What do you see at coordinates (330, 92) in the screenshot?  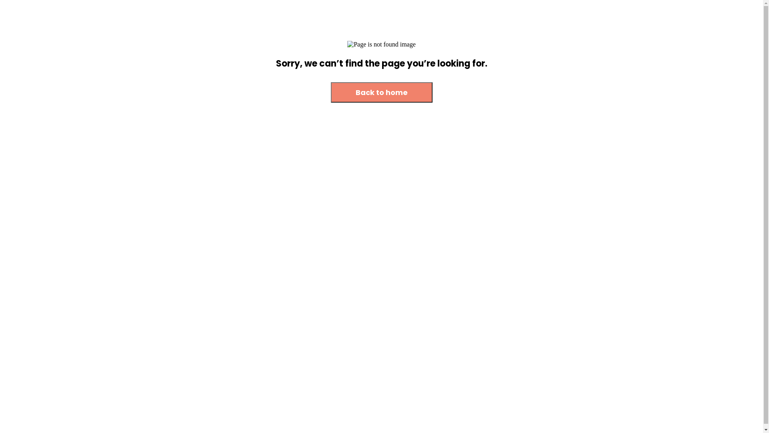 I see `'Back to home'` at bounding box center [330, 92].